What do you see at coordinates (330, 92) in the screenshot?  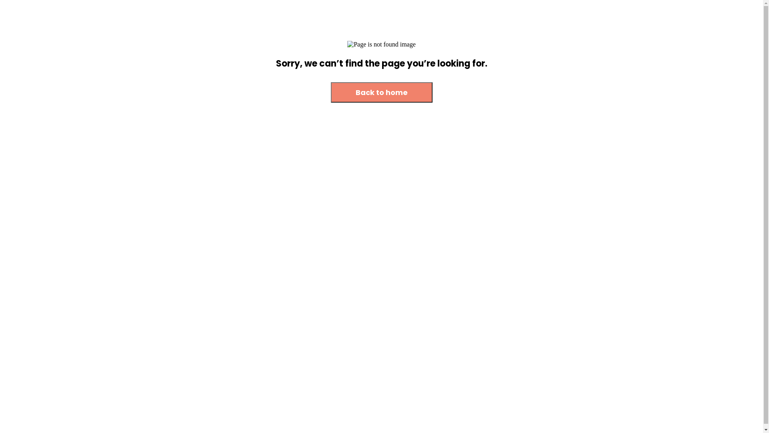 I see `'Back to home'` at bounding box center [330, 92].